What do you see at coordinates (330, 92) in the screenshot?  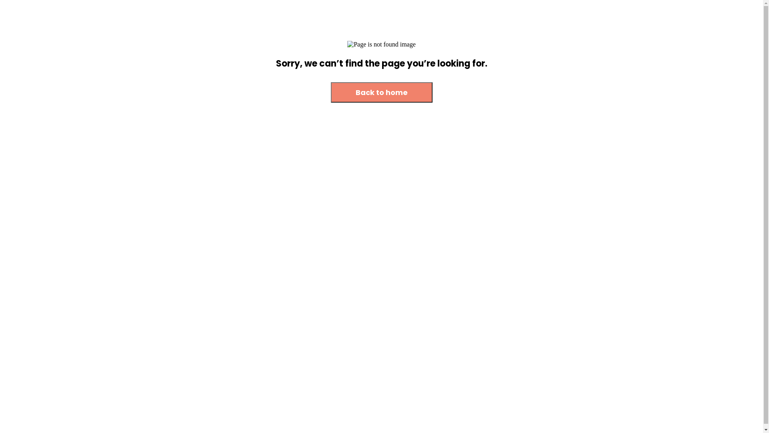 I see `'Back to home'` at bounding box center [330, 92].